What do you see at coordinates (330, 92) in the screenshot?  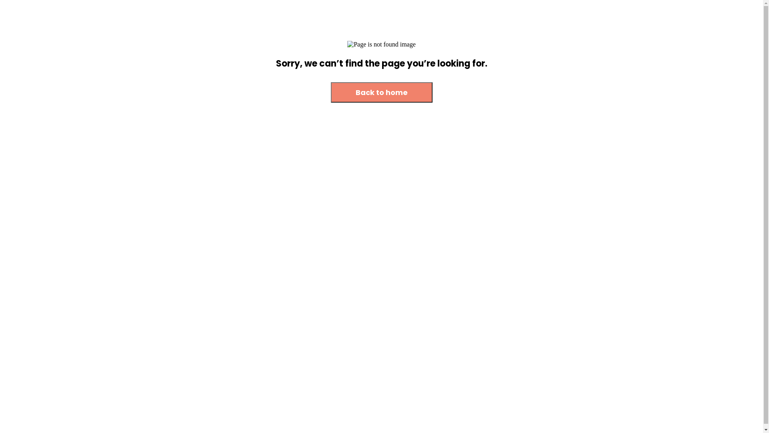 I see `'Back to home'` at bounding box center [330, 92].